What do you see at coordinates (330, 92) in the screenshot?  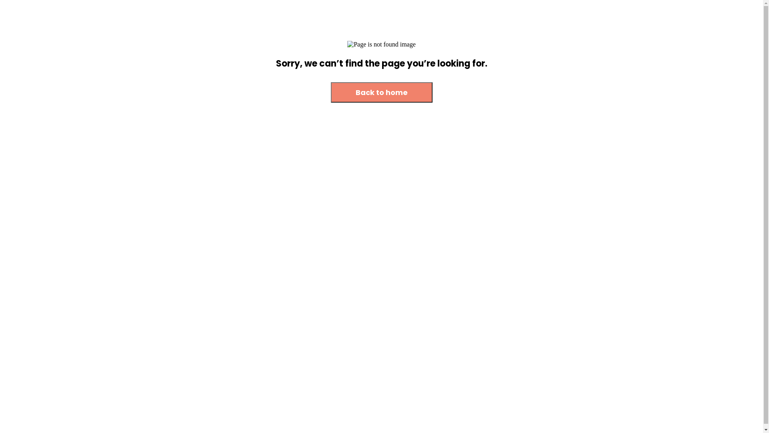 I see `'Back to home'` at bounding box center [330, 92].